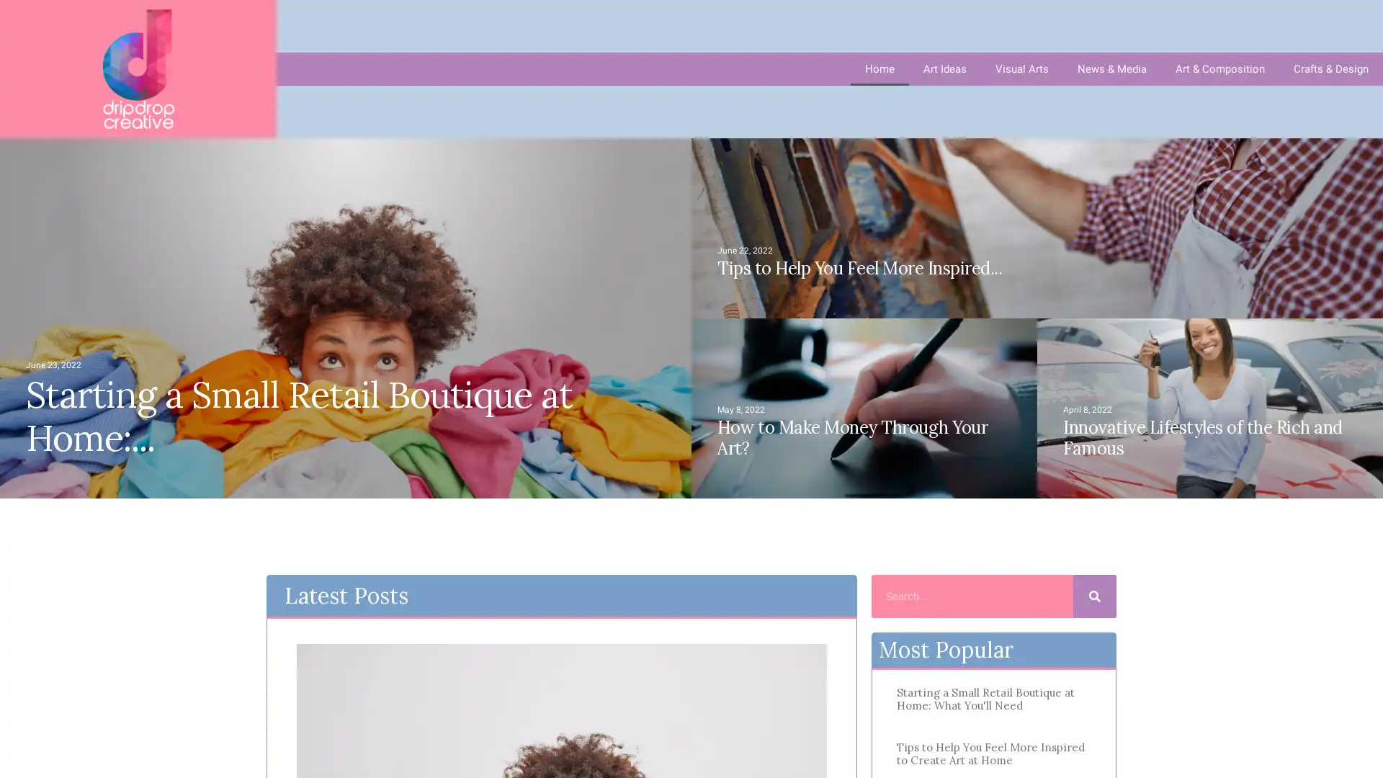  What do you see at coordinates (1095, 596) in the screenshot?
I see `Search` at bounding box center [1095, 596].